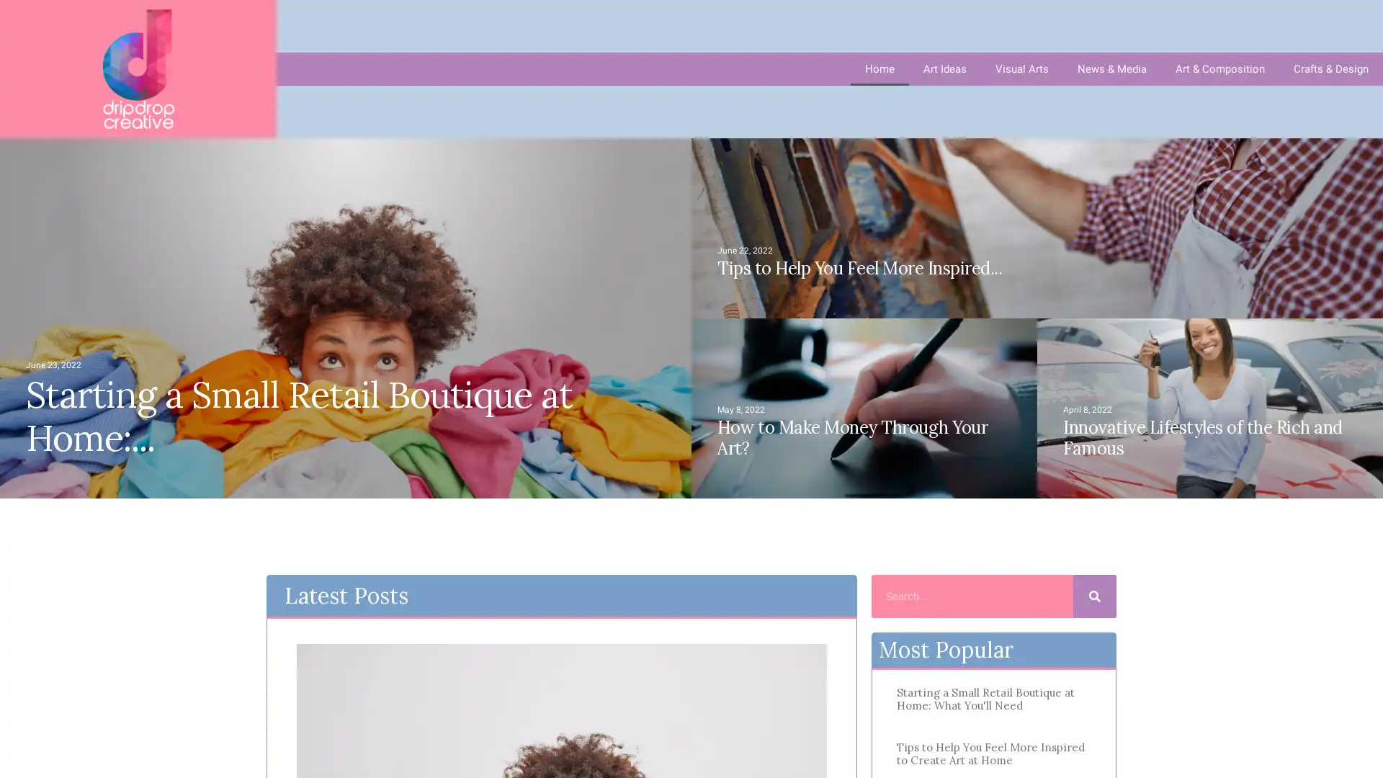  What do you see at coordinates (1095, 596) in the screenshot?
I see `Search` at bounding box center [1095, 596].